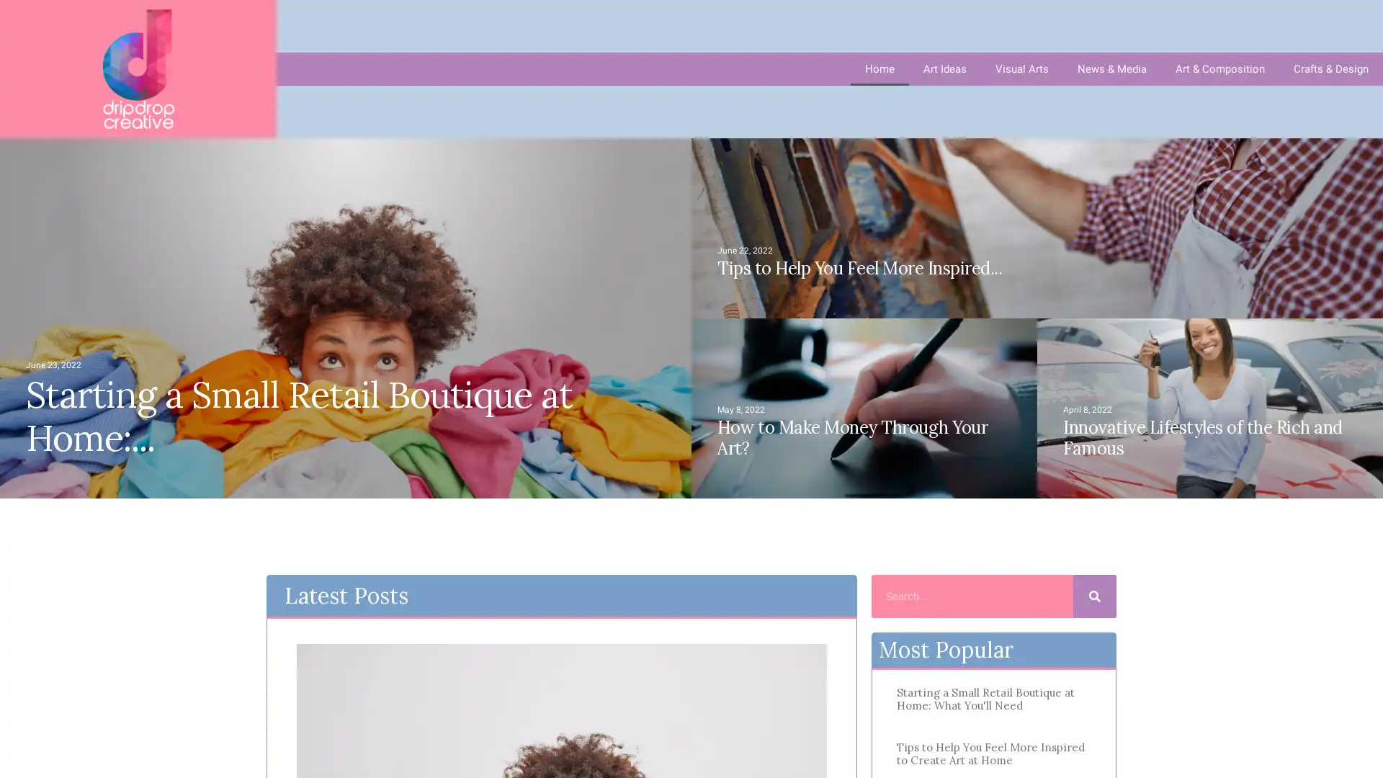  What do you see at coordinates (1095, 596) in the screenshot?
I see `Search` at bounding box center [1095, 596].